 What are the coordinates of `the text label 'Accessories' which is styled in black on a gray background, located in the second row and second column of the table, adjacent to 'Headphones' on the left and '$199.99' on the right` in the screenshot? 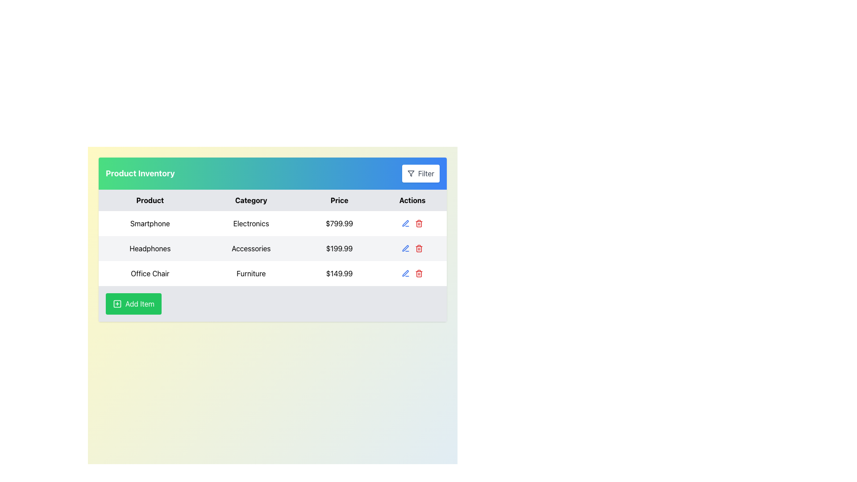 It's located at (250, 248).